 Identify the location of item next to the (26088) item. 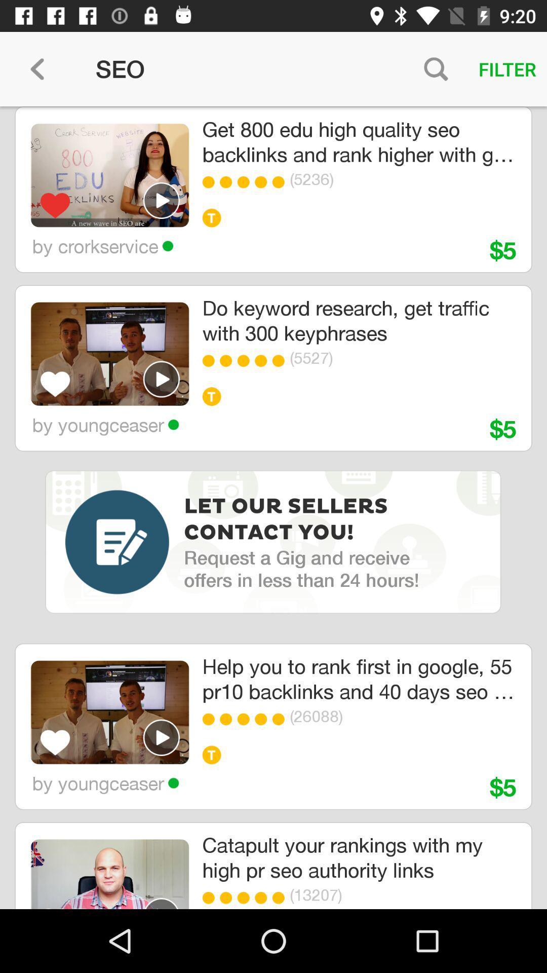
(281, 719).